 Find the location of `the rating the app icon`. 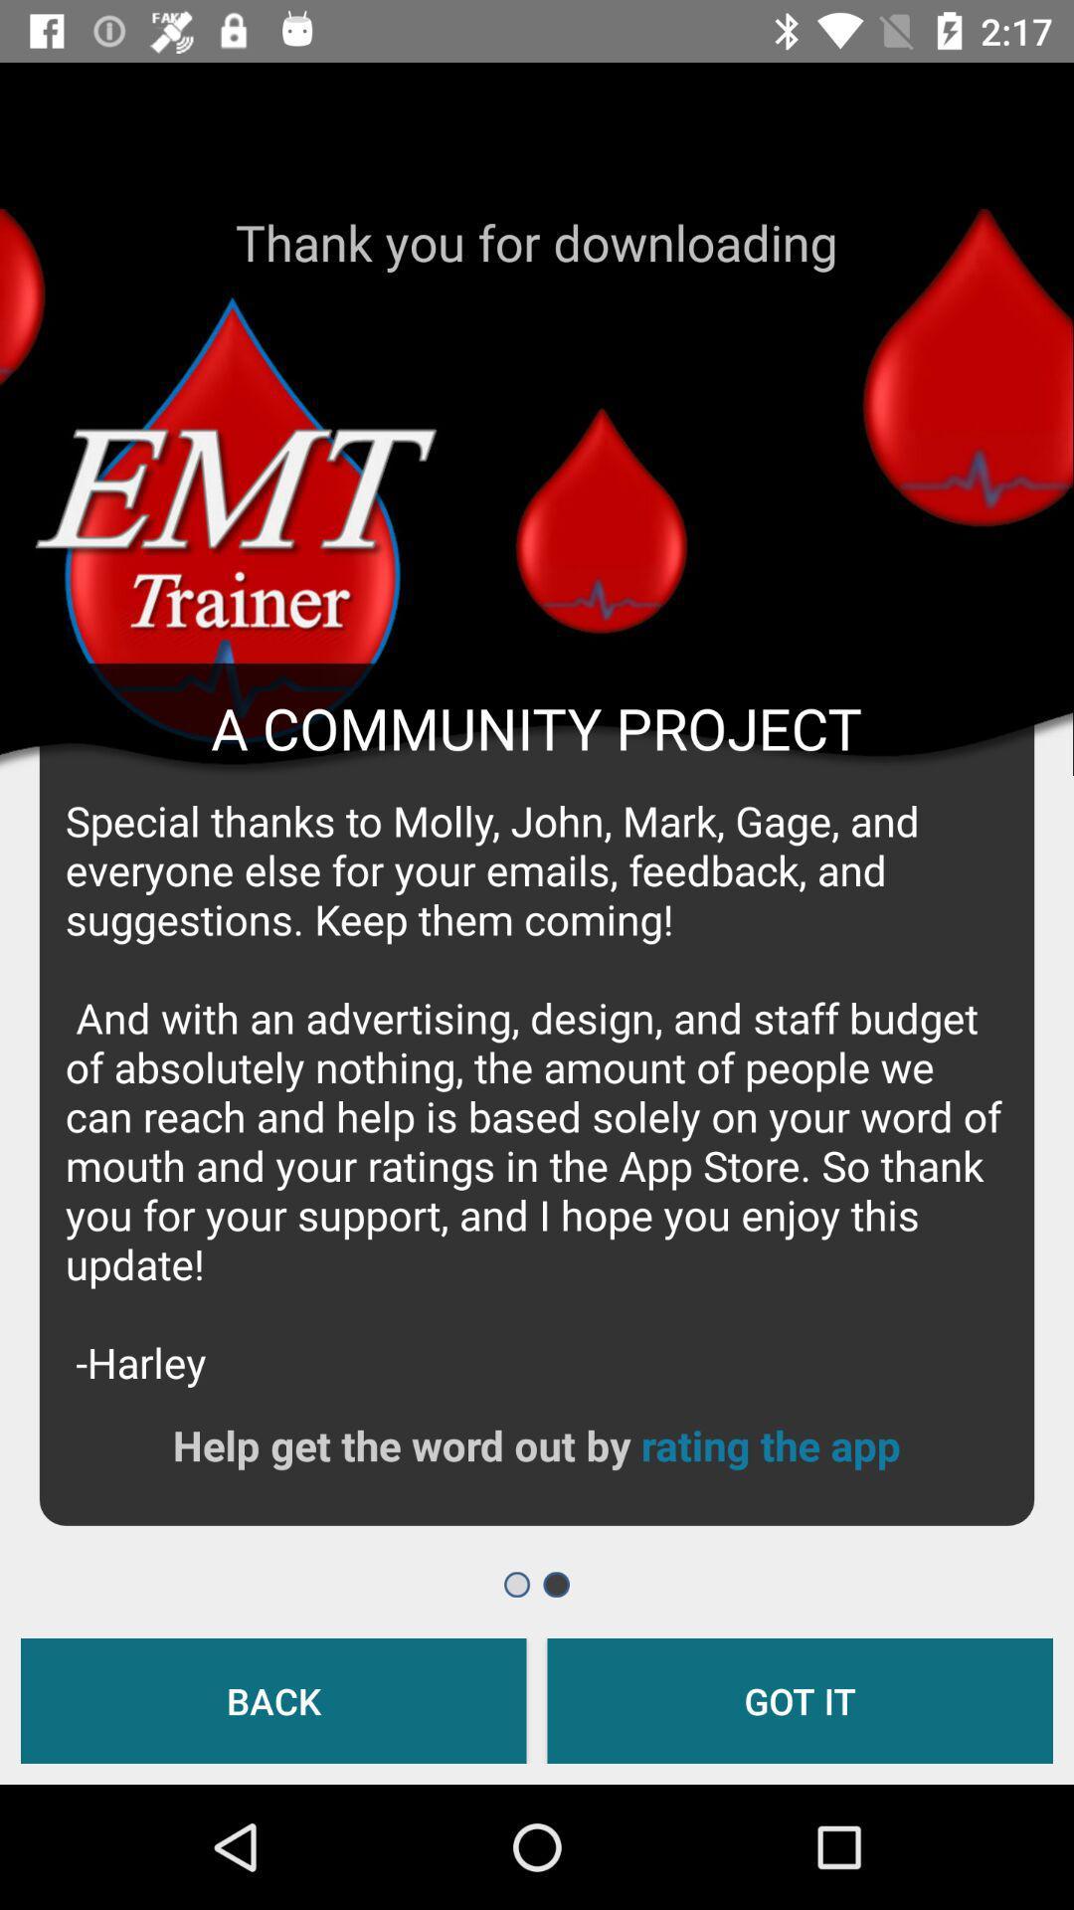

the rating the app icon is located at coordinates (770, 1444).